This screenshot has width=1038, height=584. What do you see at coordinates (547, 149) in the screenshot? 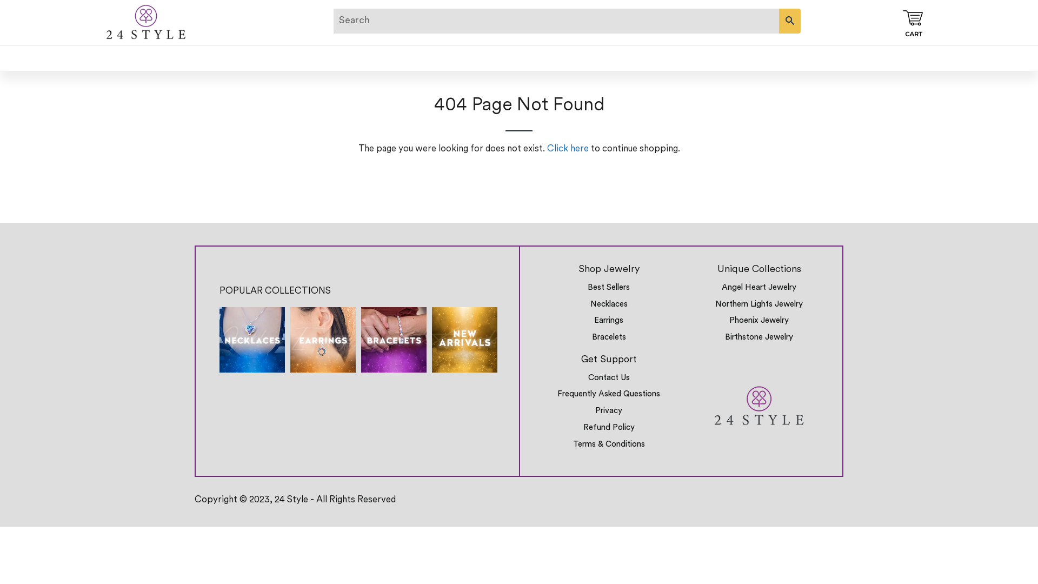
I see `'Click here'` at bounding box center [547, 149].